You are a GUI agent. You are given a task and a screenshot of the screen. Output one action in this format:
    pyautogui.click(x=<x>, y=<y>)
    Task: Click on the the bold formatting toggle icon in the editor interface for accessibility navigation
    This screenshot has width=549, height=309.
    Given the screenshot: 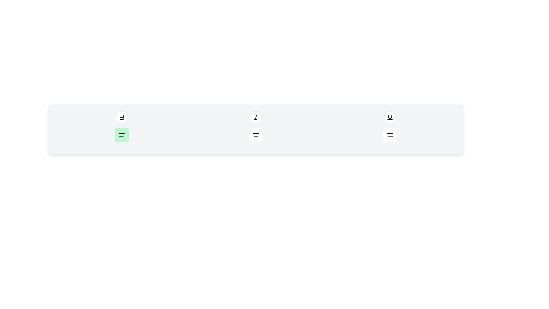 What is the action you would take?
    pyautogui.click(x=122, y=117)
    